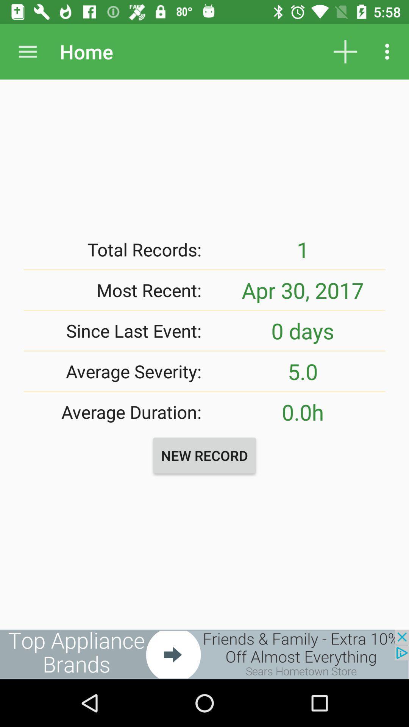 The image size is (409, 727). I want to click on visit advertisement, so click(204, 654).